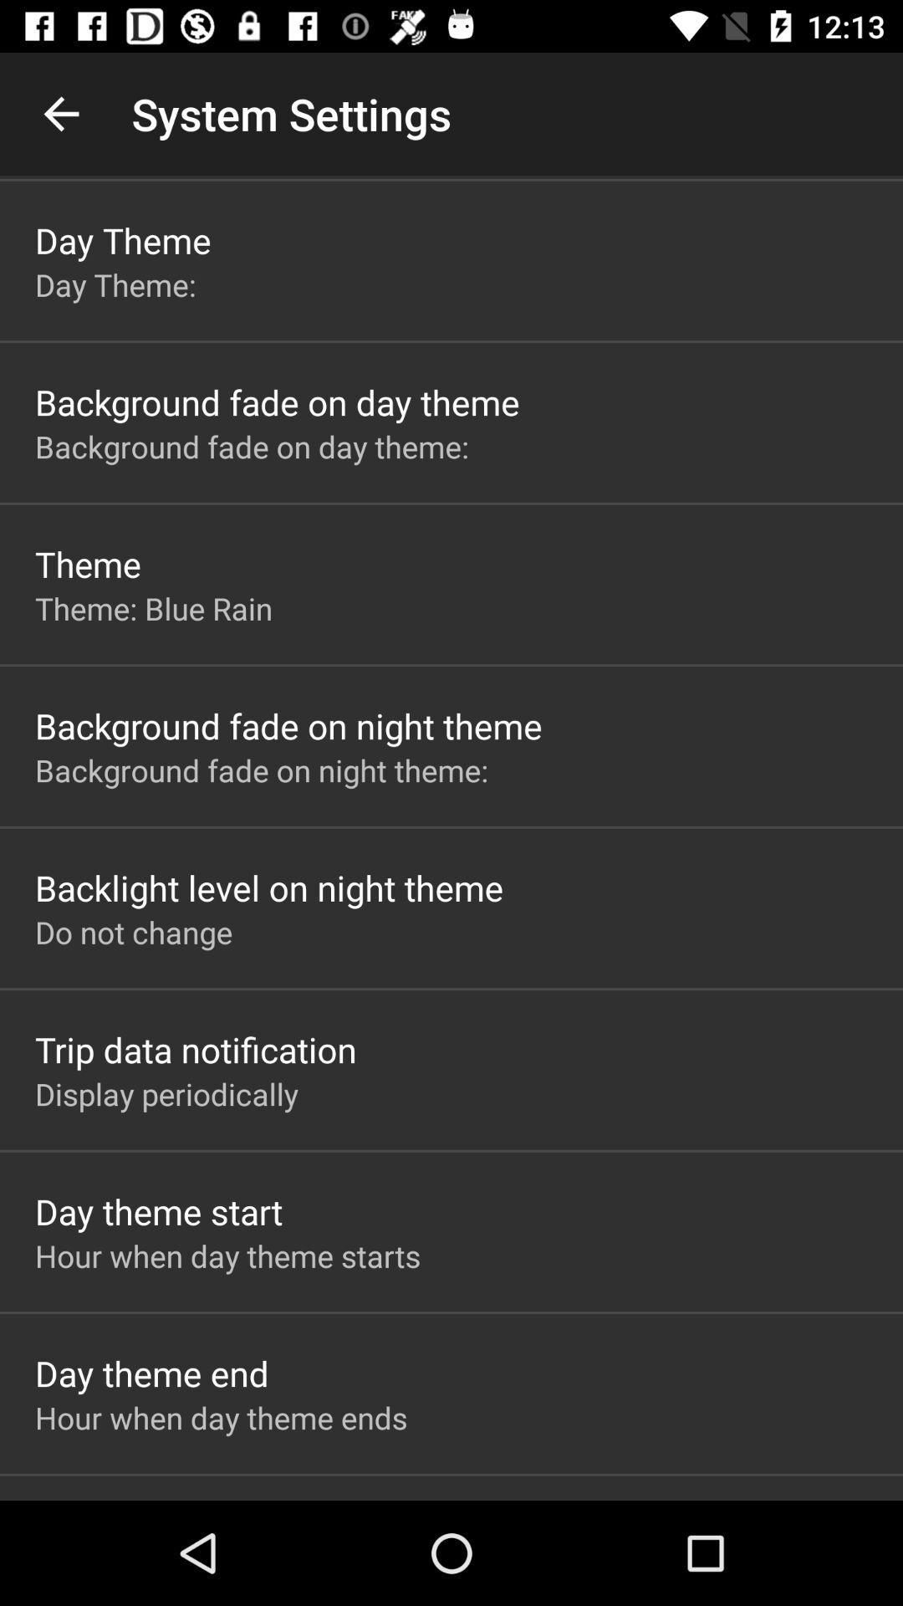 This screenshot has width=903, height=1606. What do you see at coordinates (268, 887) in the screenshot?
I see `item below background fade on icon` at bounding box center [268, 887].